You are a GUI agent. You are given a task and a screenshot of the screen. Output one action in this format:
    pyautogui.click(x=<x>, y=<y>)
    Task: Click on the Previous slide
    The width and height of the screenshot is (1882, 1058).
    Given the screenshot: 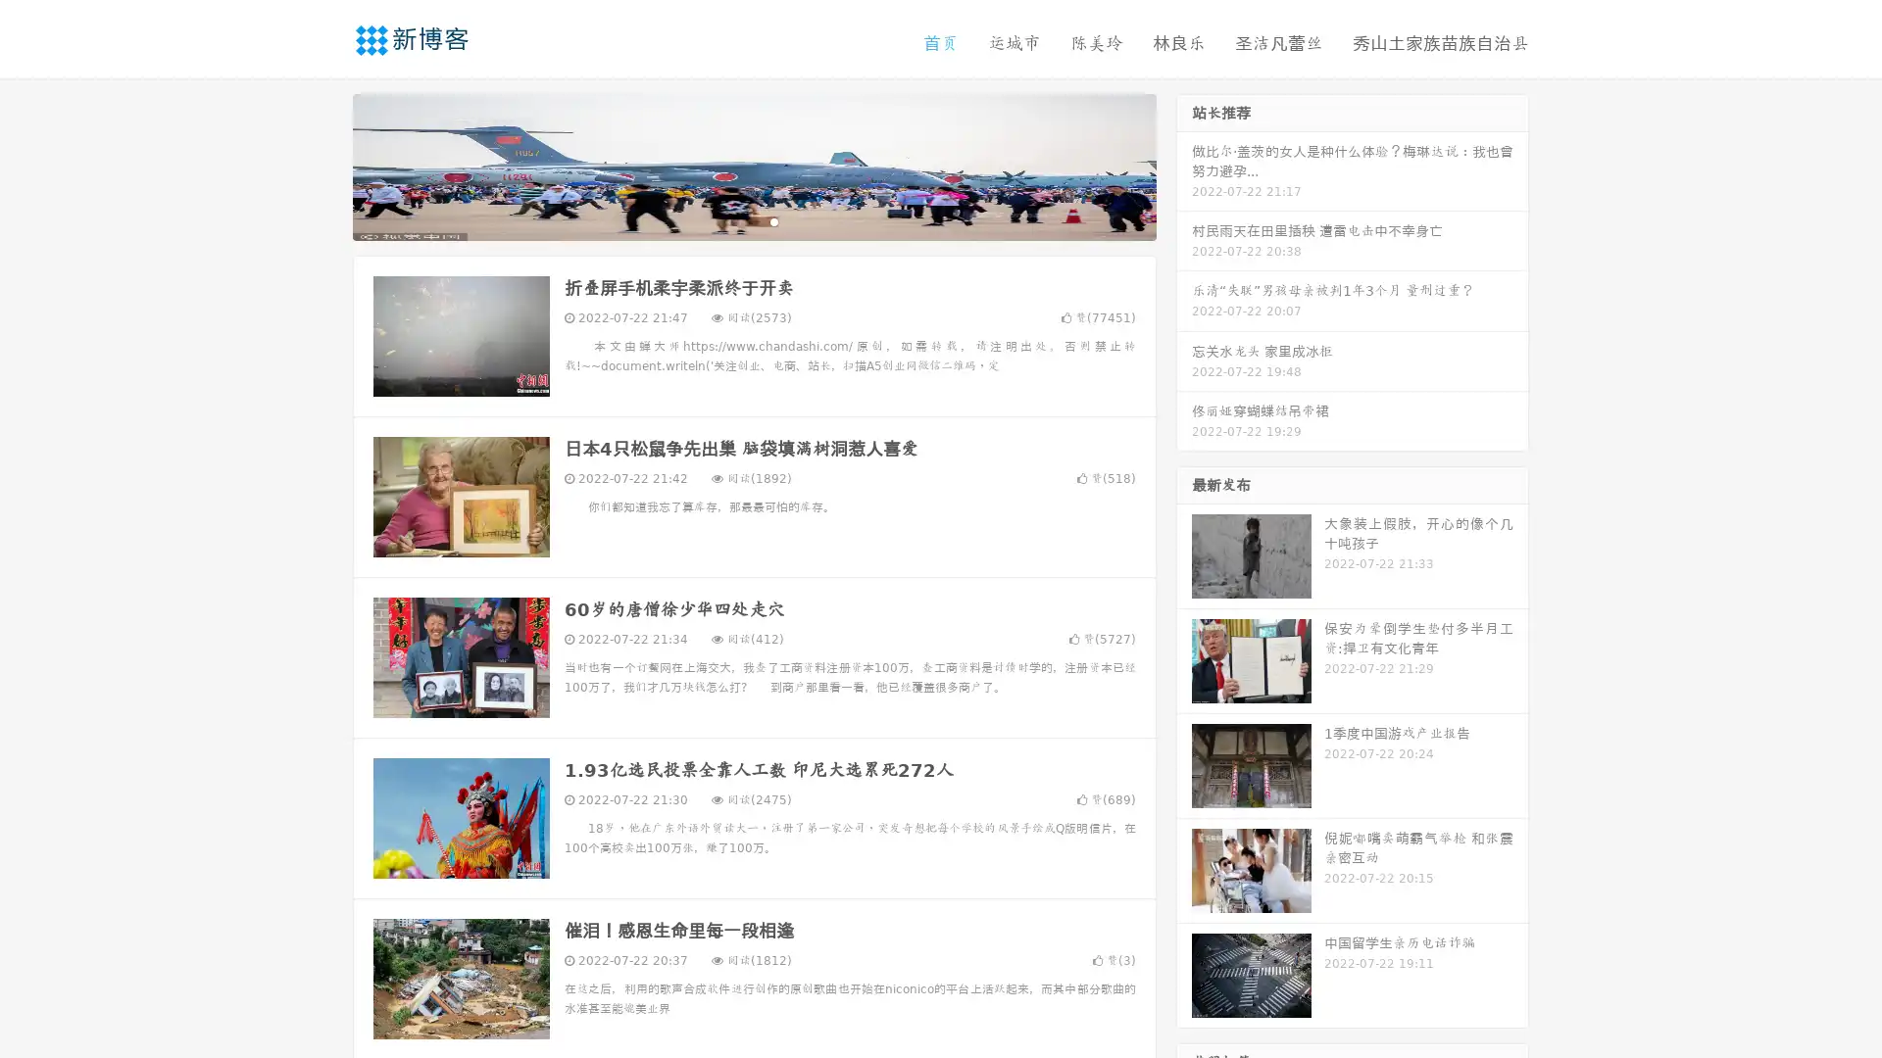 What is the action you would take?
    pyautogui.click(x=323, y=165)
    